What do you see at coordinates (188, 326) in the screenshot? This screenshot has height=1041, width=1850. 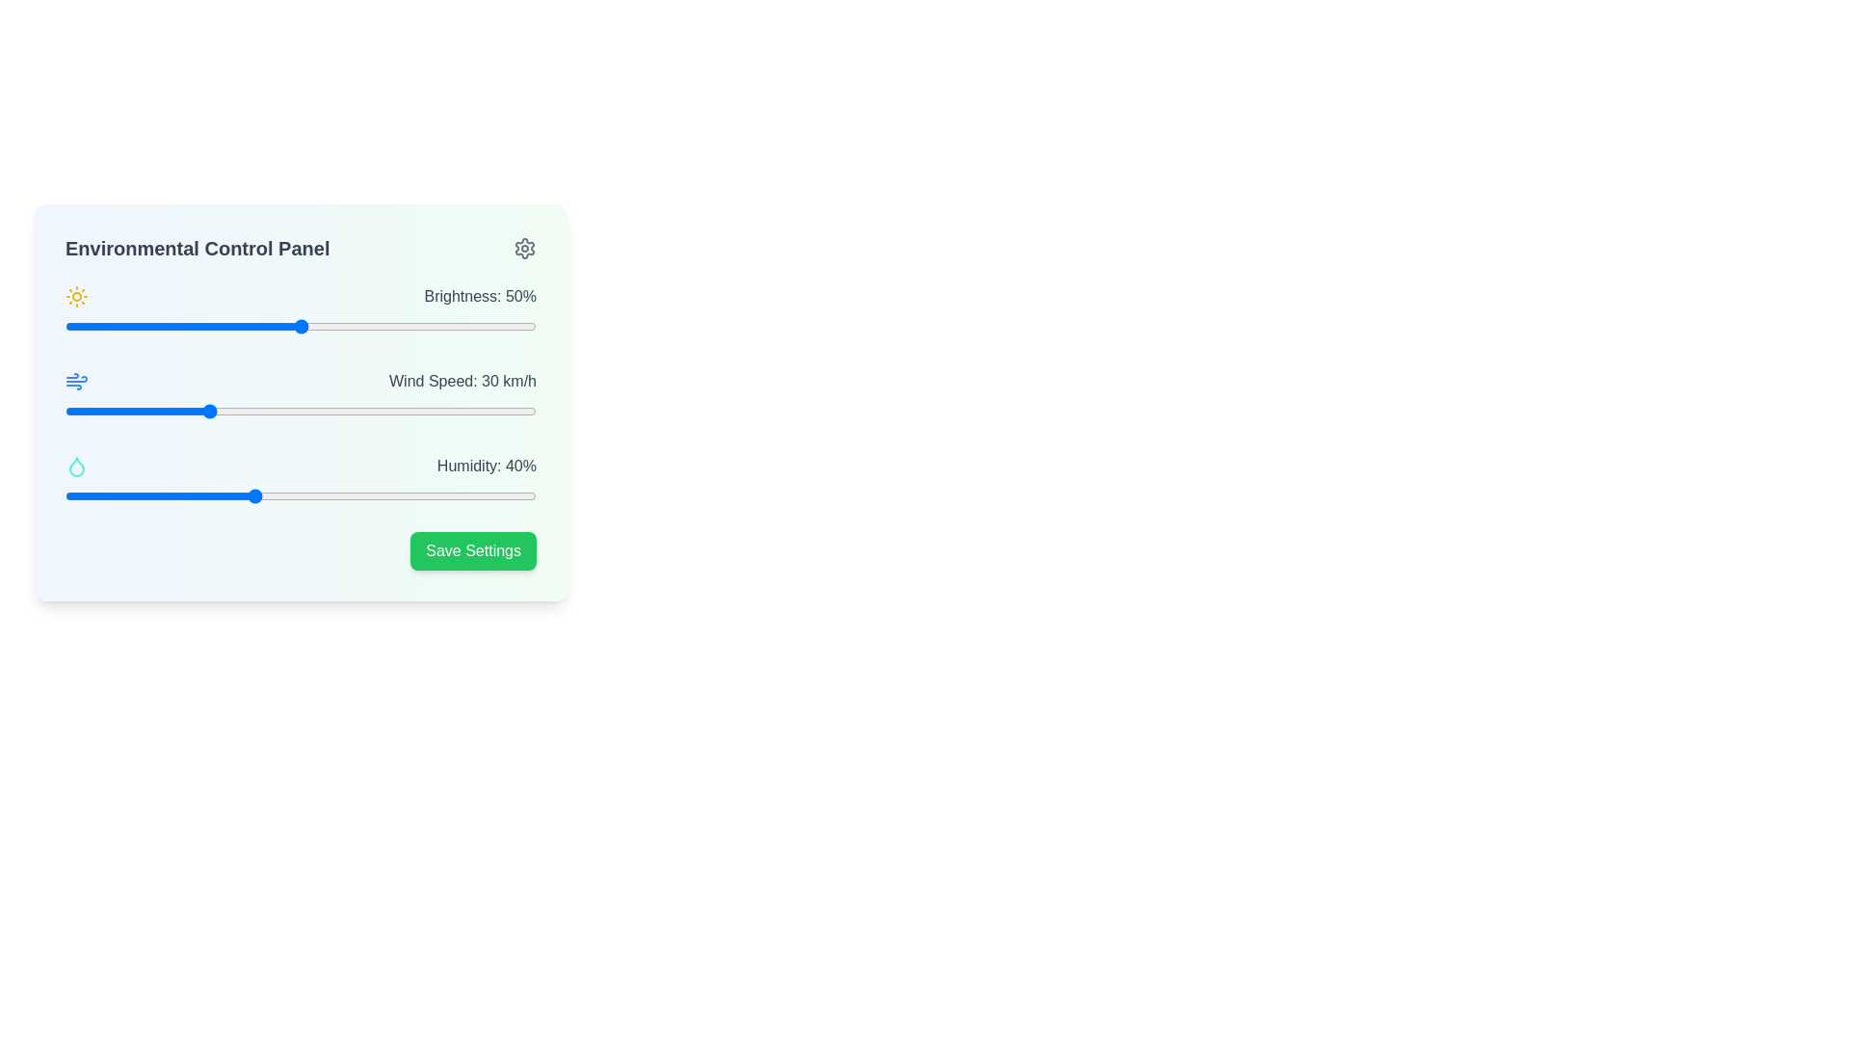 I see `the slider value` at bounding box center [188, 326].